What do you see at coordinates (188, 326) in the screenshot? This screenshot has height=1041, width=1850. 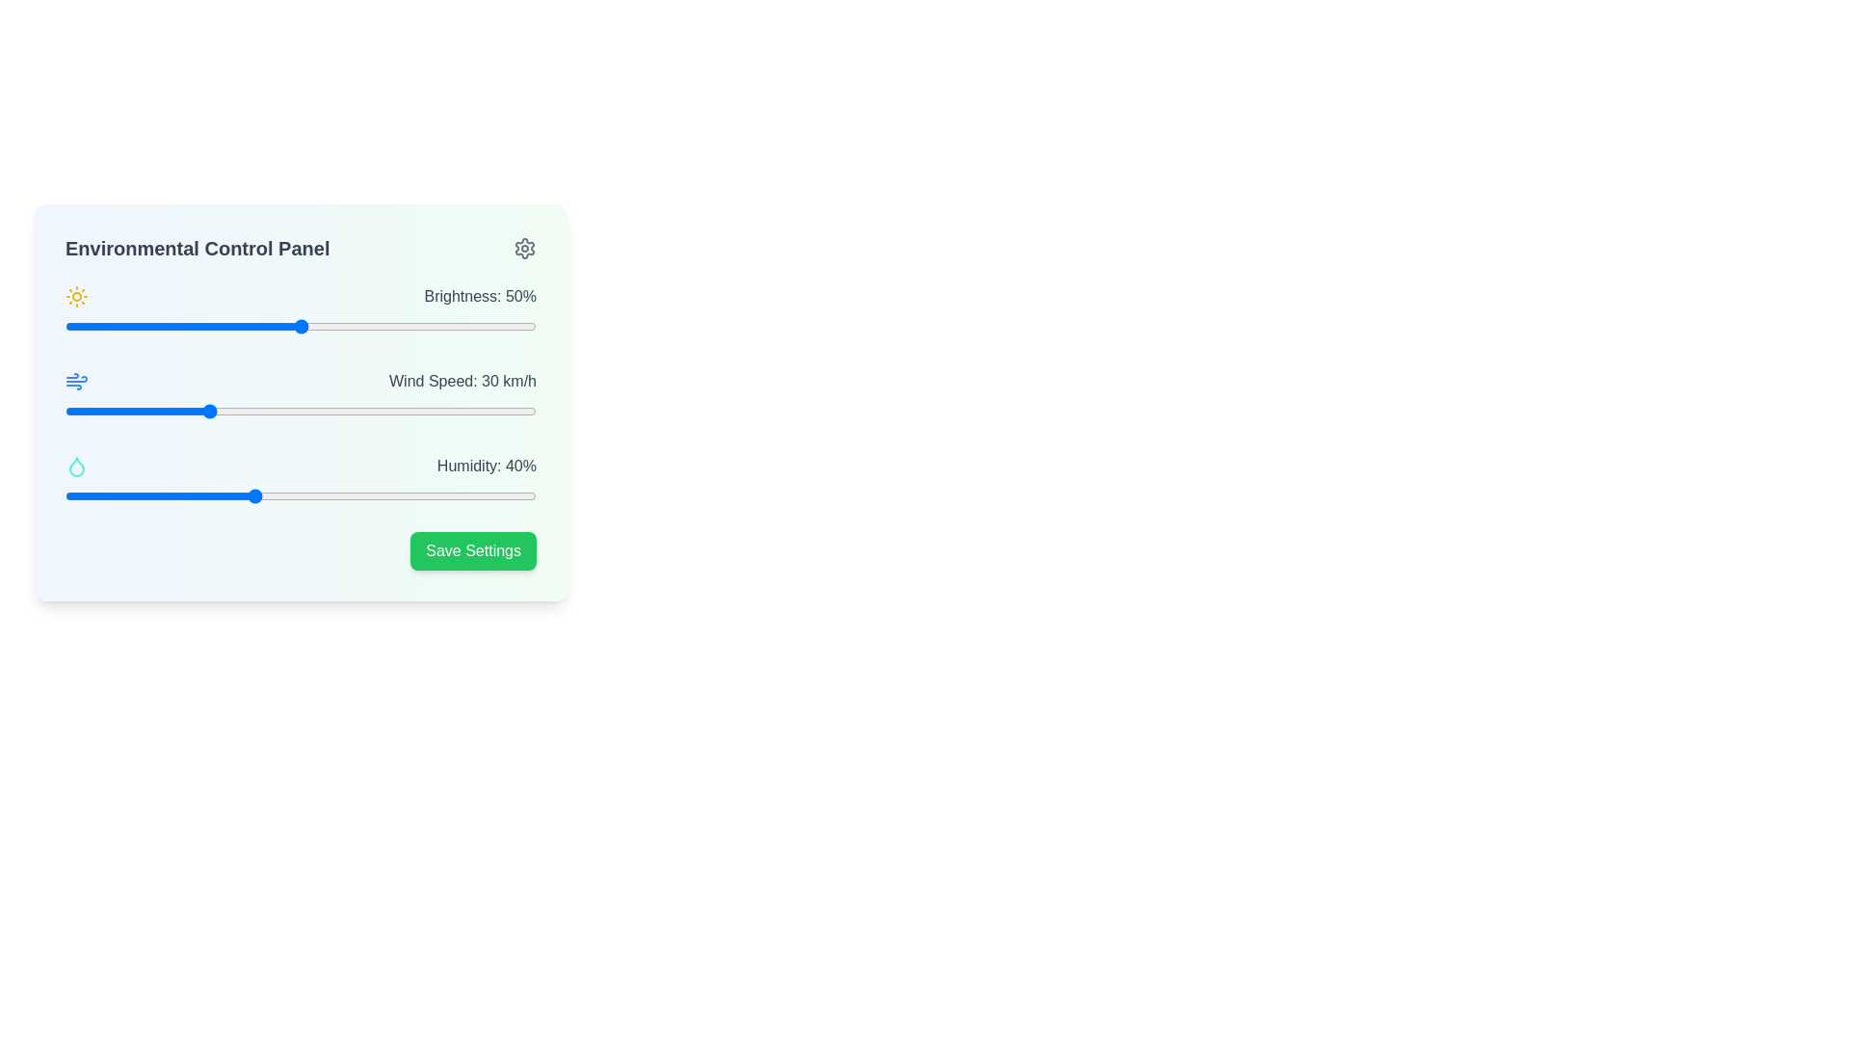 I see `the slider value` at bounding box center [188, 326].